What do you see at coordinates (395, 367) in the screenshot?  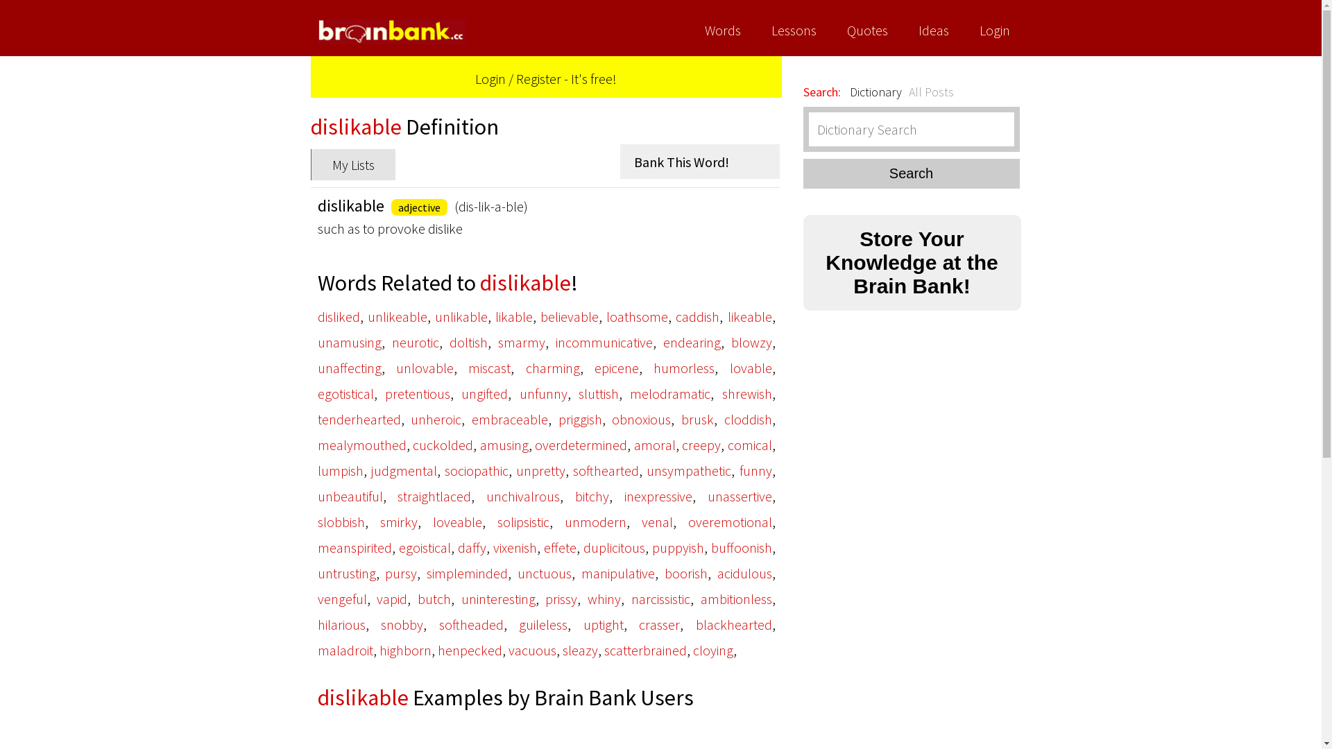 I see `'unlovable'` at bounding box center [395, 367].